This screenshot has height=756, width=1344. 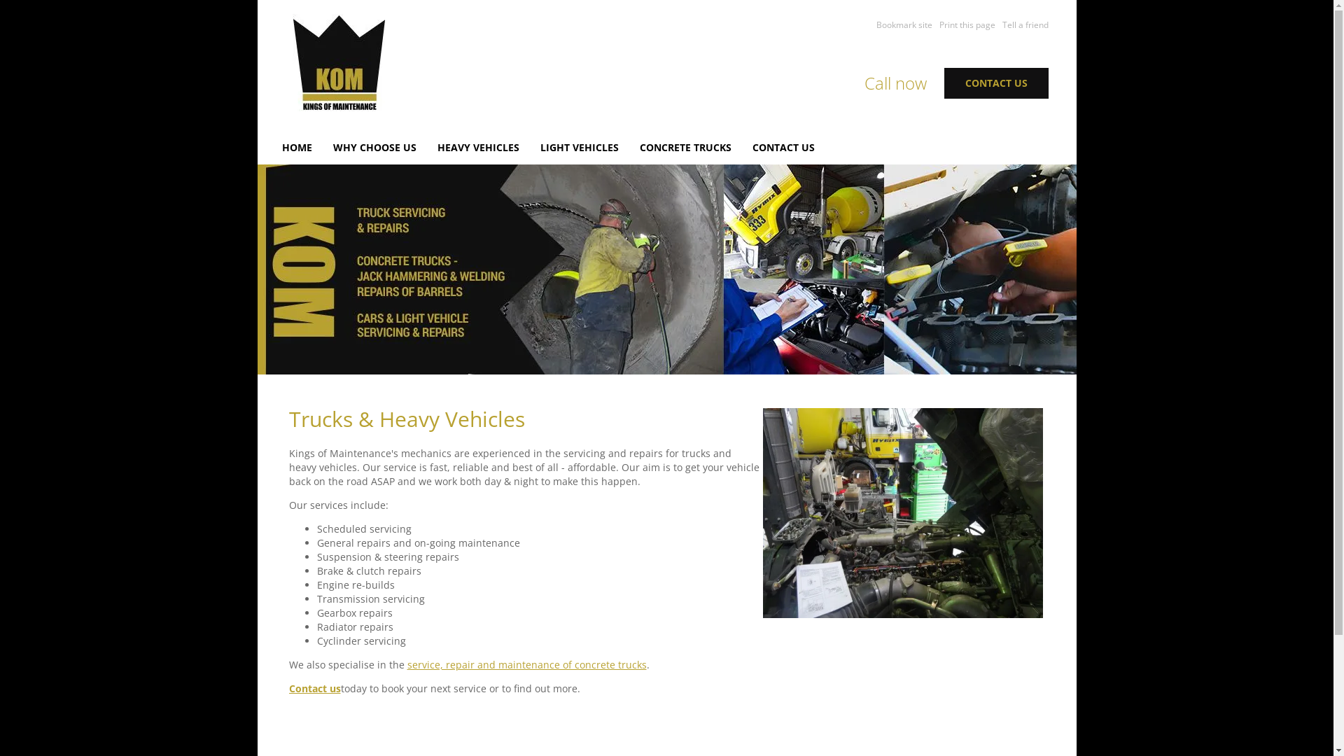 What do you see at coordinates (1021, 24) in the screenshot?
I see `'Tell a friend'` at bounding box center [1021, 24].